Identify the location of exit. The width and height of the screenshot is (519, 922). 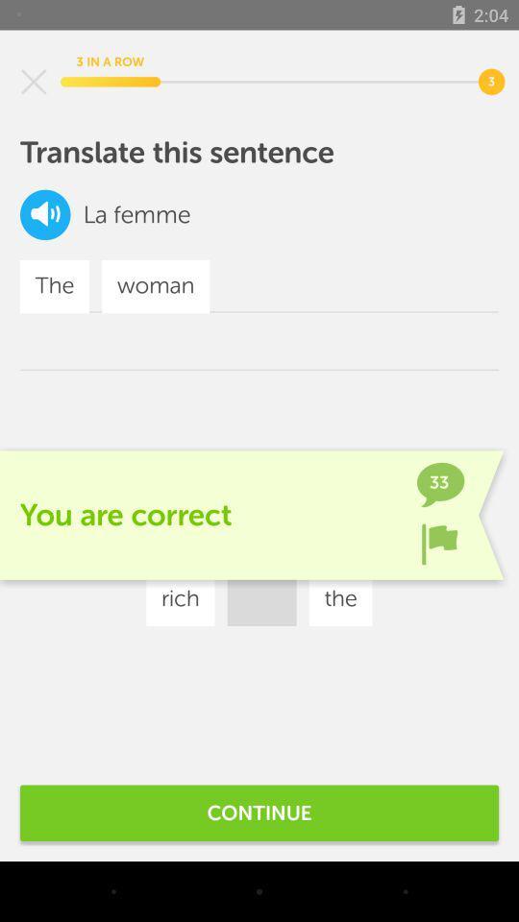
(34, 82).